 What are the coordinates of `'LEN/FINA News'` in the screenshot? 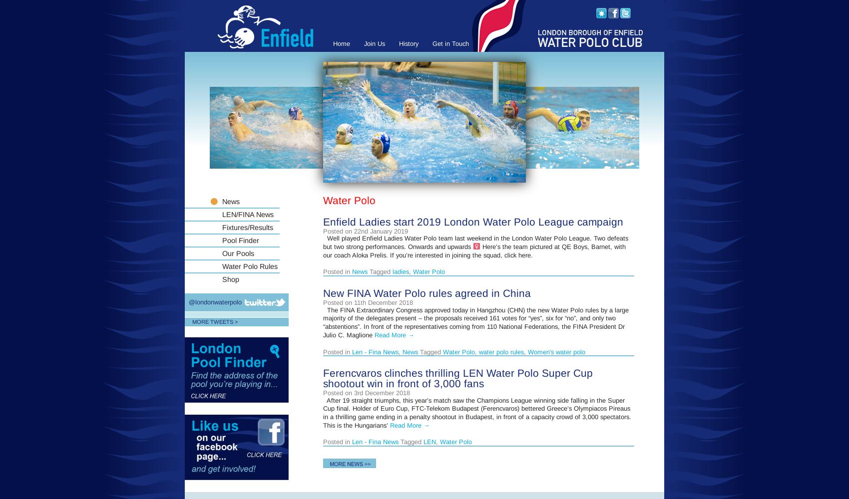 It's located at (248, 215).